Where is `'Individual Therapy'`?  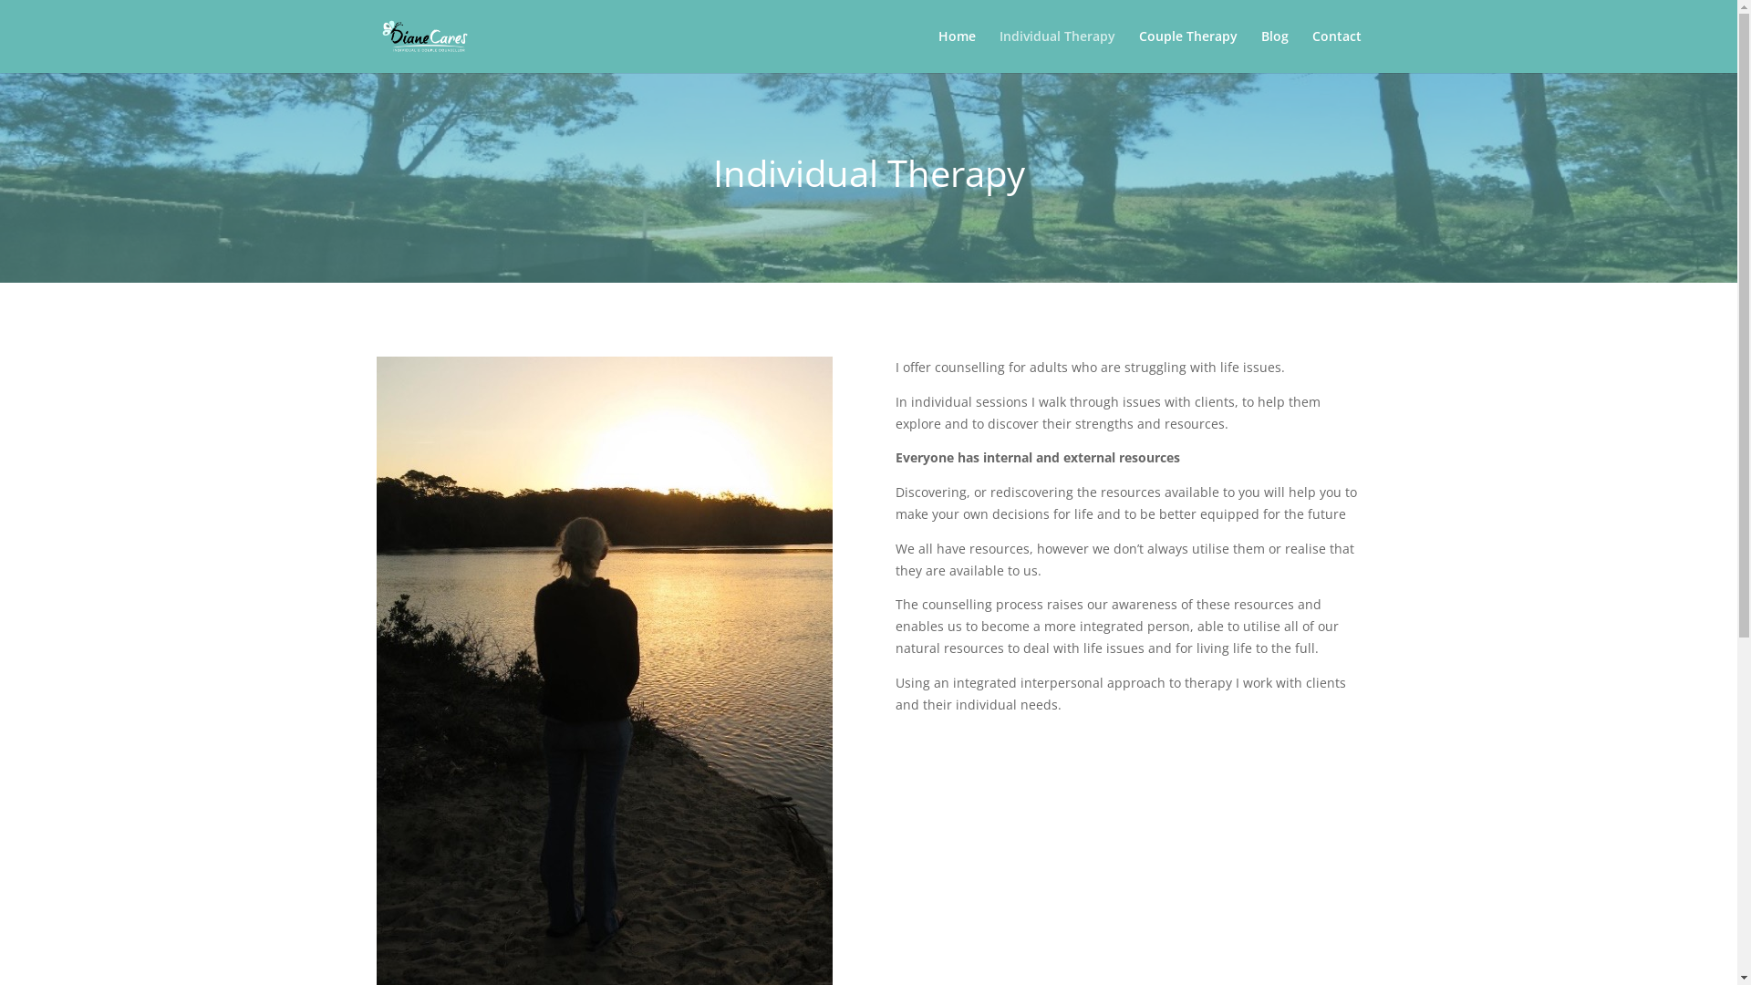 'Individual Therapy' is located at coordinates (1057, 50).